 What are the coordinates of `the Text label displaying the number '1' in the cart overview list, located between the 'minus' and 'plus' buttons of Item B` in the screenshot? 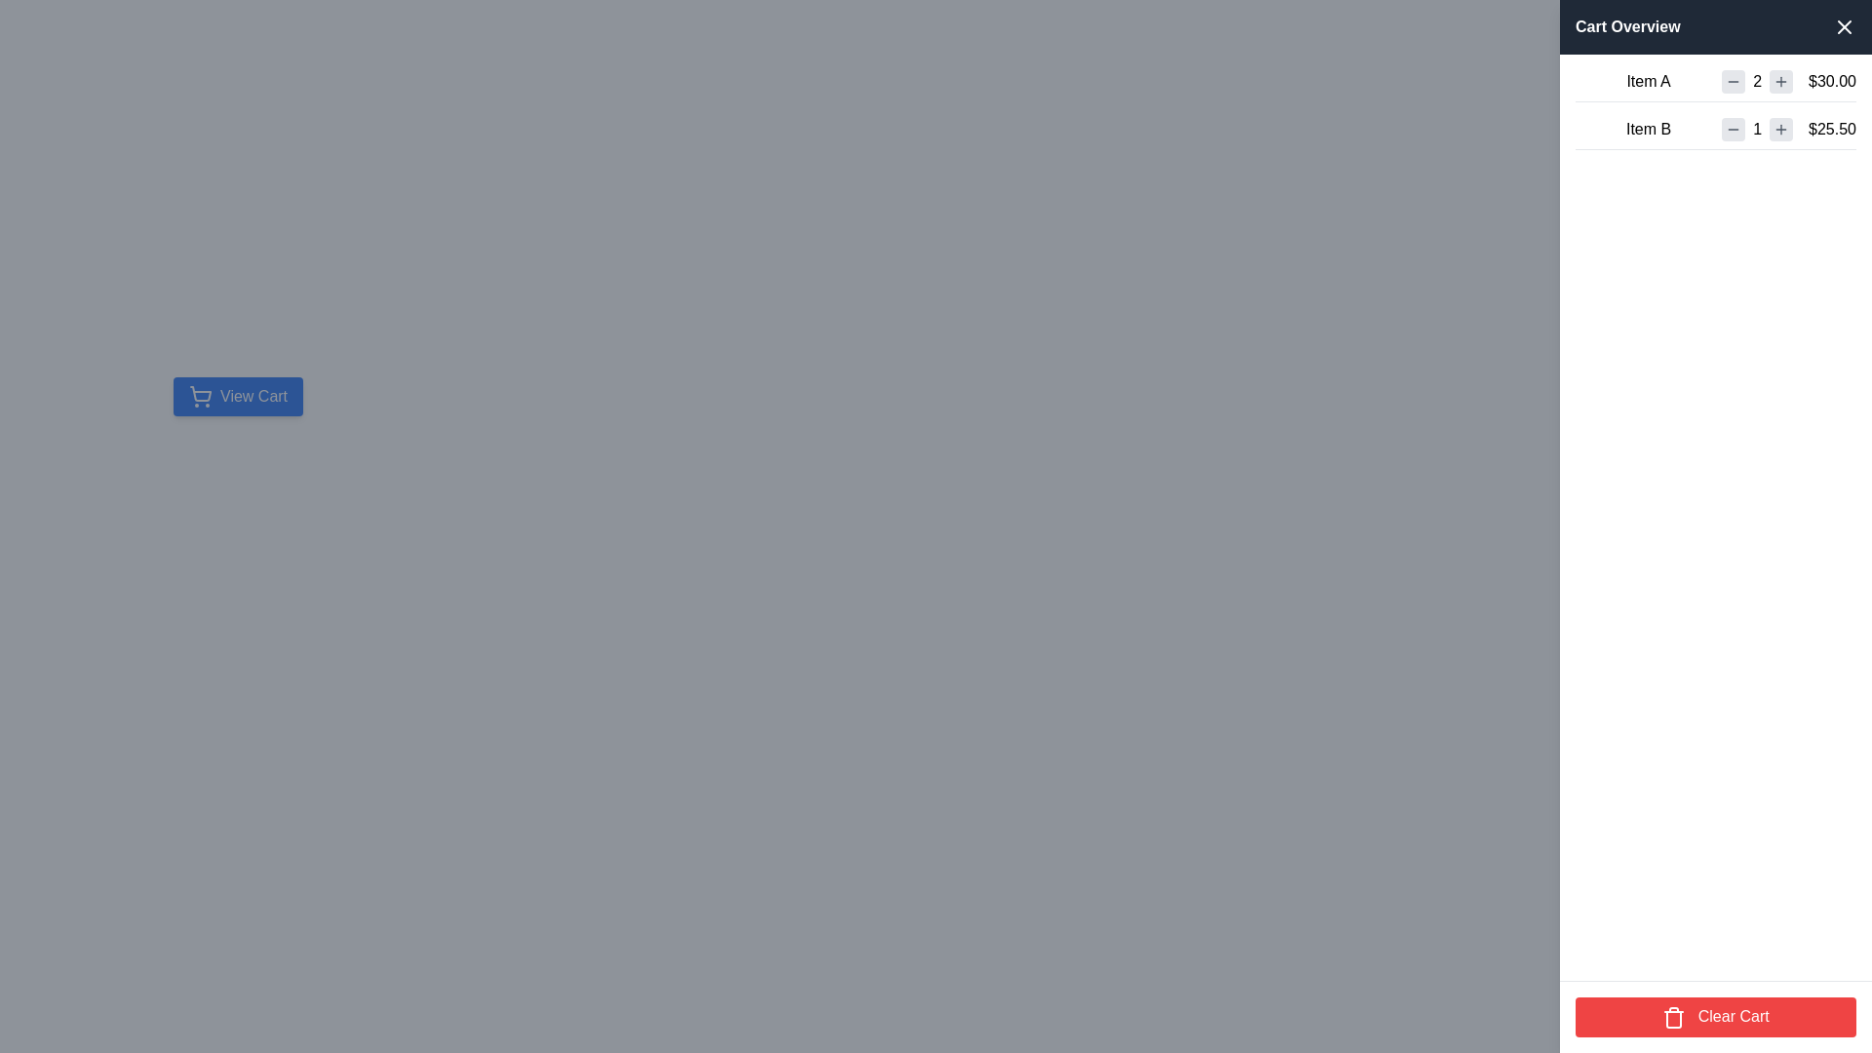 It's located at (1757, 129).